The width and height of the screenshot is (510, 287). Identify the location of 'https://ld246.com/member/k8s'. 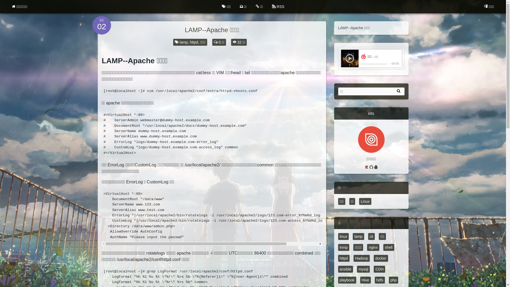
(367, 168).